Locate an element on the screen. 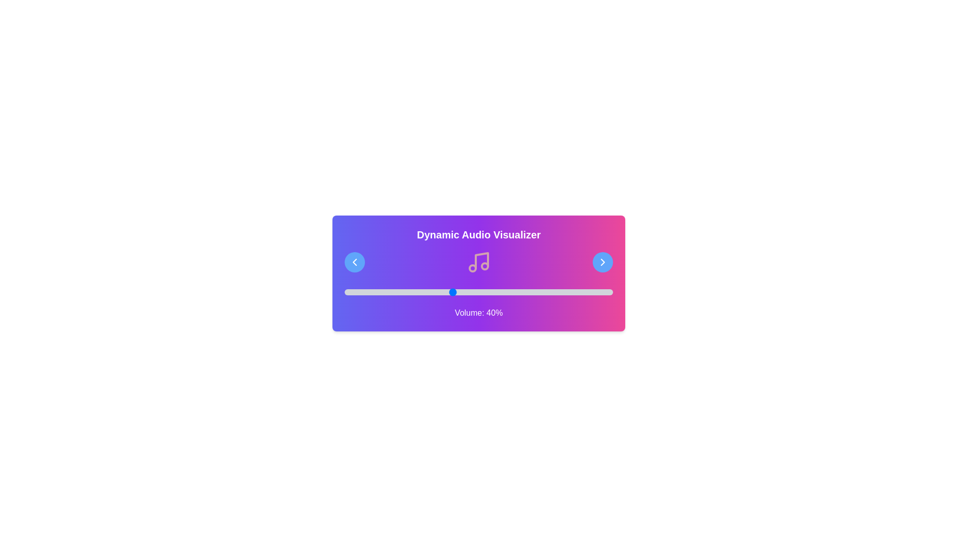  the volume slider to set the volume to 96% is located at coordinates (602, 292).